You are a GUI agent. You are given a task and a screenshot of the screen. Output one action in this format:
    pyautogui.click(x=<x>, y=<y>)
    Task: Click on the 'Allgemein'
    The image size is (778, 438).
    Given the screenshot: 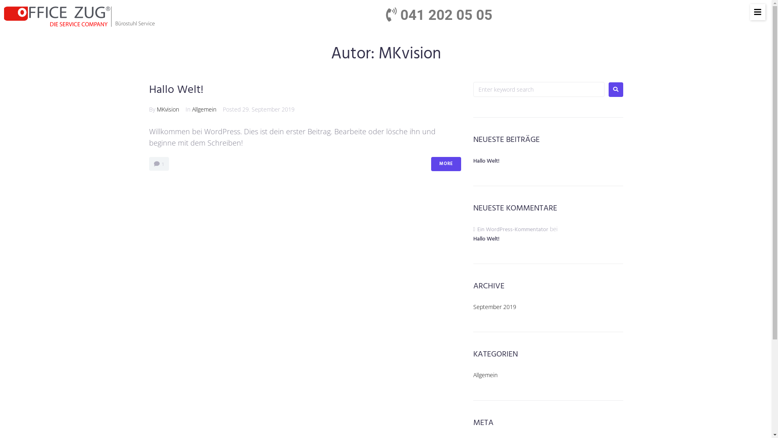 What is the action you would take?
    pyautogui.click(x=485, y=375)
    